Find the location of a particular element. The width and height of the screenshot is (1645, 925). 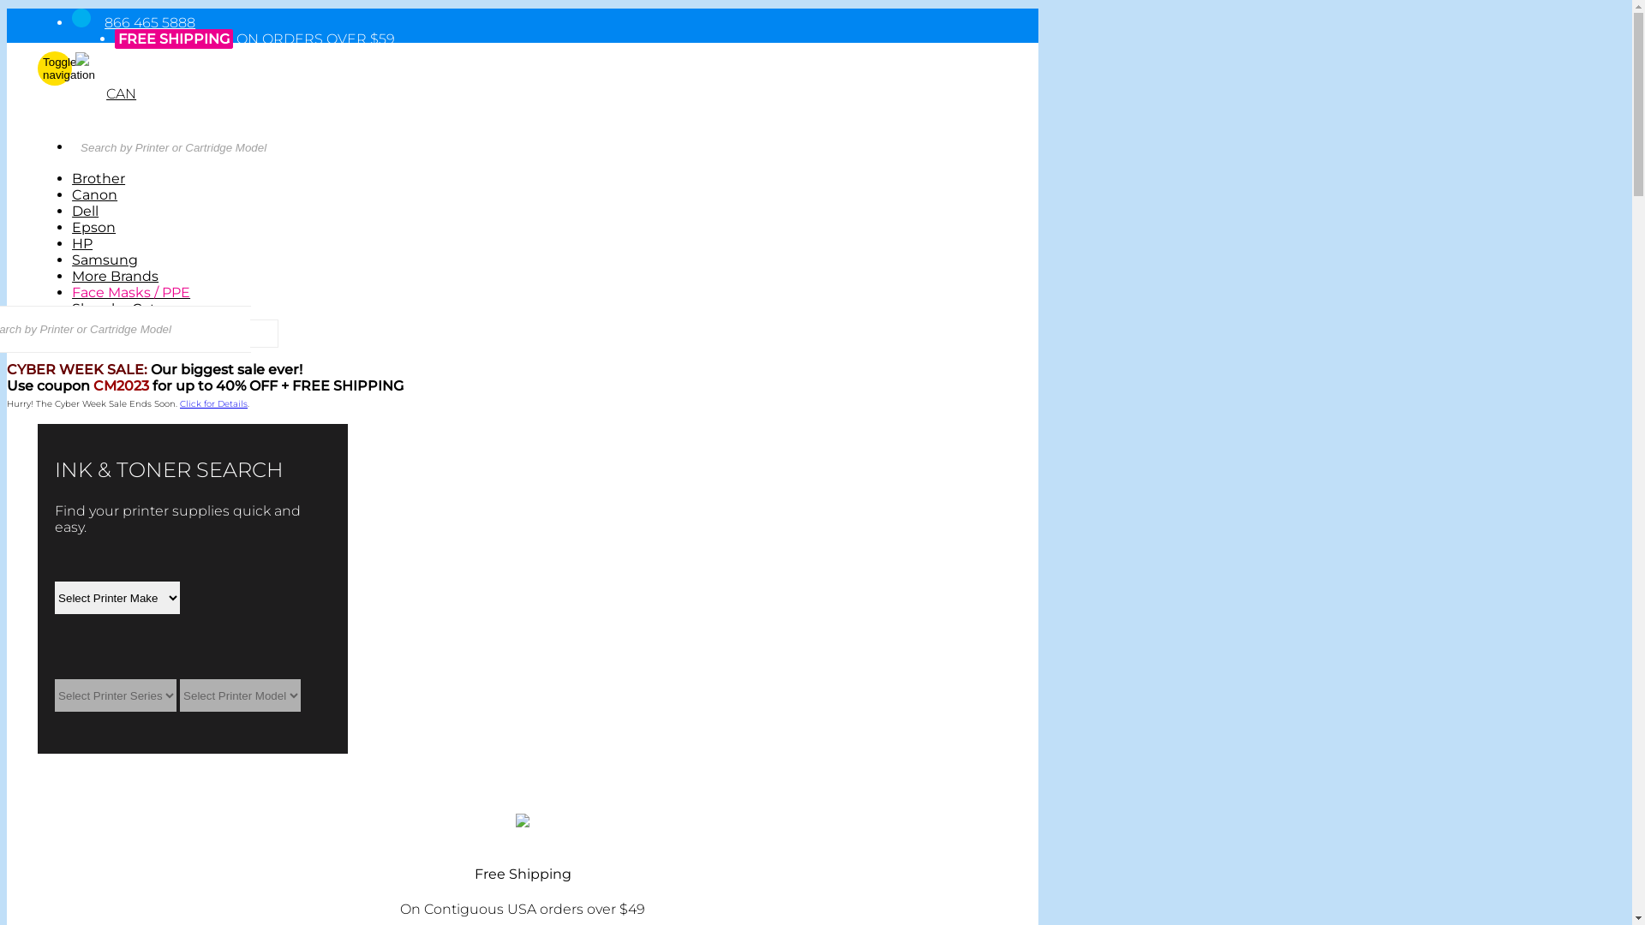

'Shop by Category' is located at coordinates (132, 308).